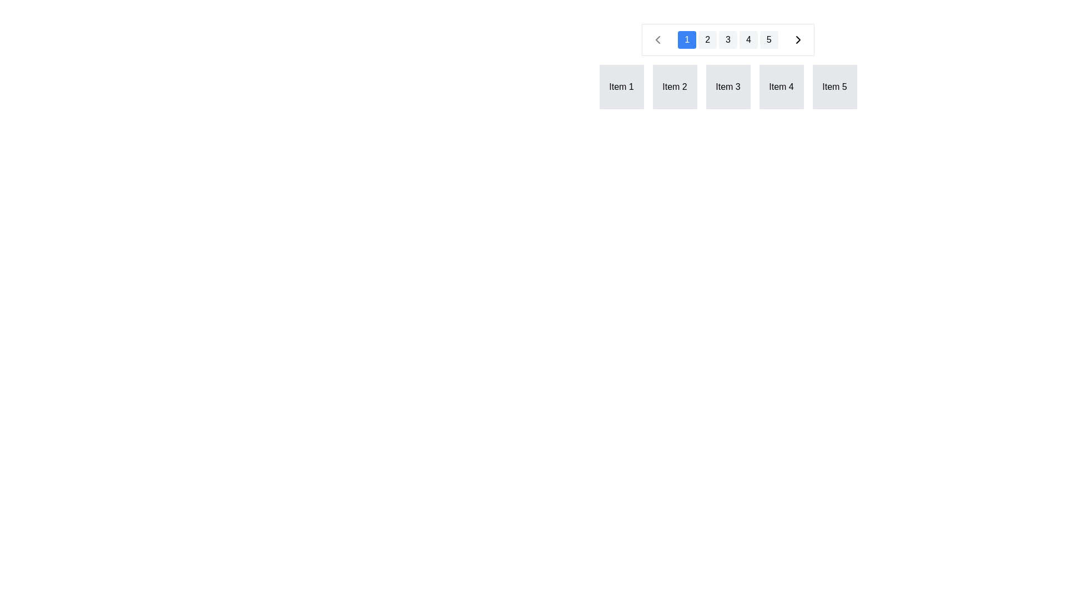 The height and width of the screenshot is (599, 1066). I want to click on the first navigation button at the top of the interface, so click(686, 39).